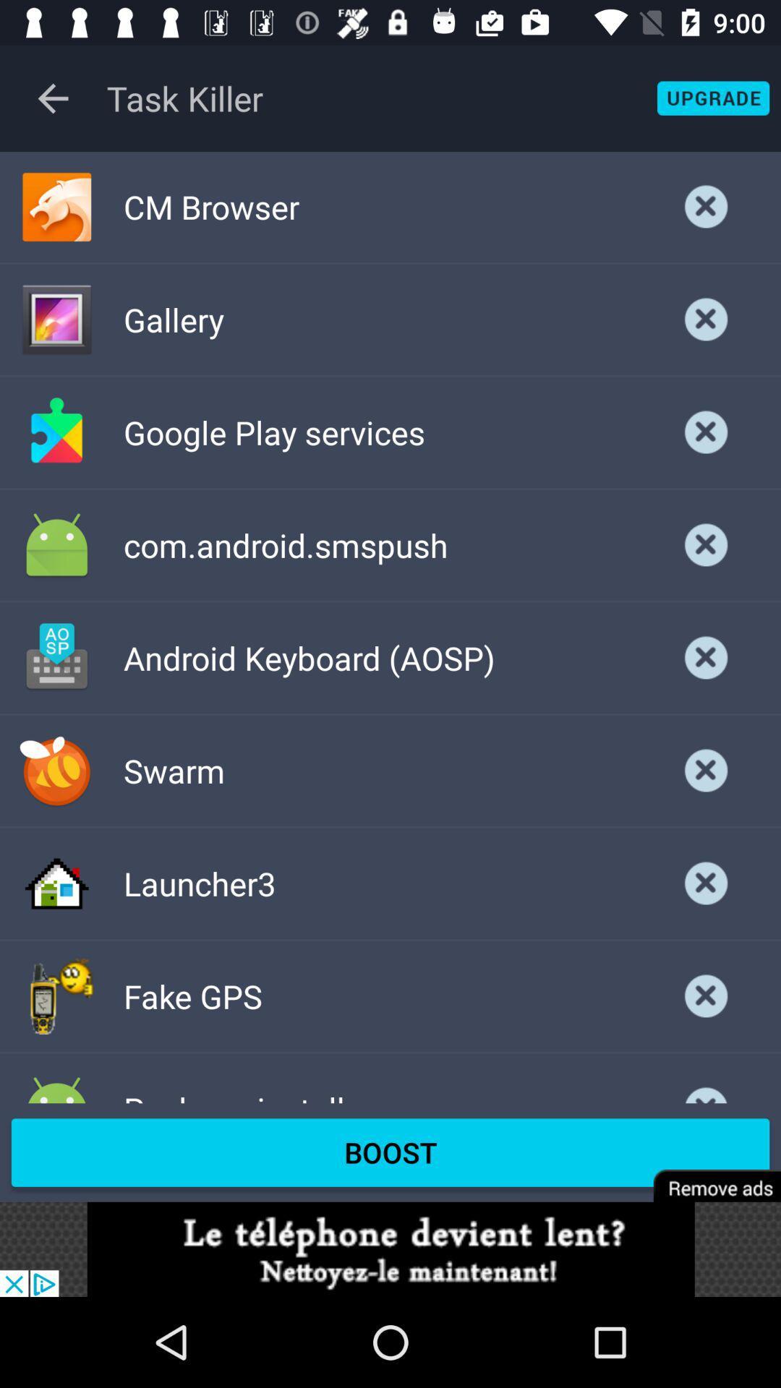 Image resolution: width=781 pixels, height=1388 pixels. What do you see at coordinates (706, 544) in the screenshot?
I see `install button` at bounding box center [706, 544].